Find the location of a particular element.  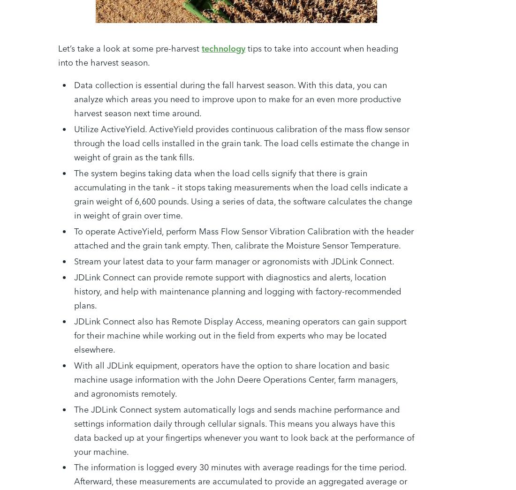

'The JDLink Connect system automatically logs and sends machine performance and settings information daily through cellular signals. This means you always have this data backed up at your fingertips whenever you want to look back at the performance of your machine.' is located at coordinates (244, 430).